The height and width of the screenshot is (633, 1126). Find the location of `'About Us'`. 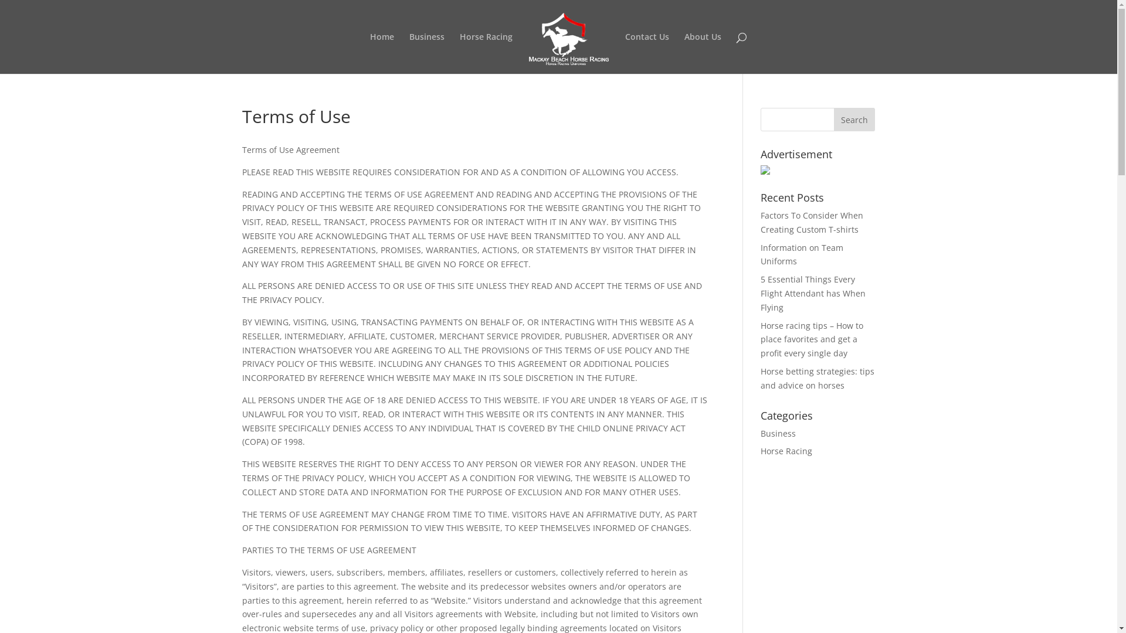

'About Us' is located at coordinates (703, 53).